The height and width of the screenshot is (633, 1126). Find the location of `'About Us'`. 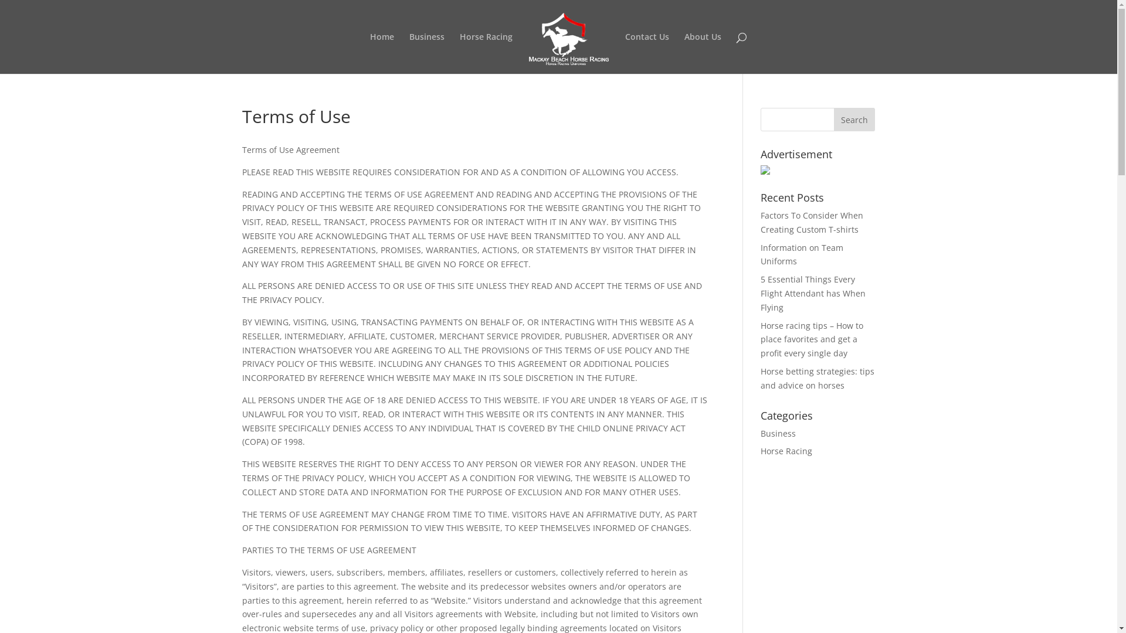

'About Us' is located at coordinates (703, 53).